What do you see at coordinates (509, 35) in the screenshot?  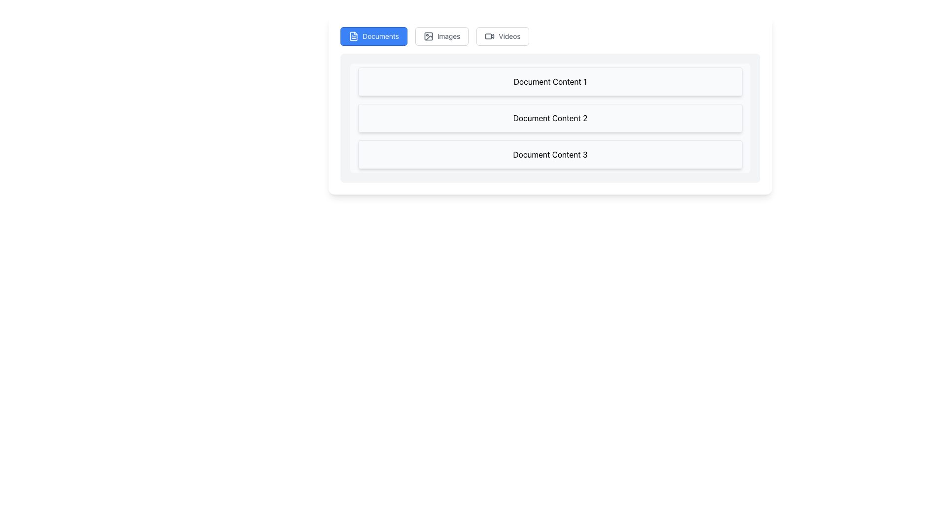 I see `the 'Videos' text label located in the upper horizontal menu bar` at bounding box center [509, 35].